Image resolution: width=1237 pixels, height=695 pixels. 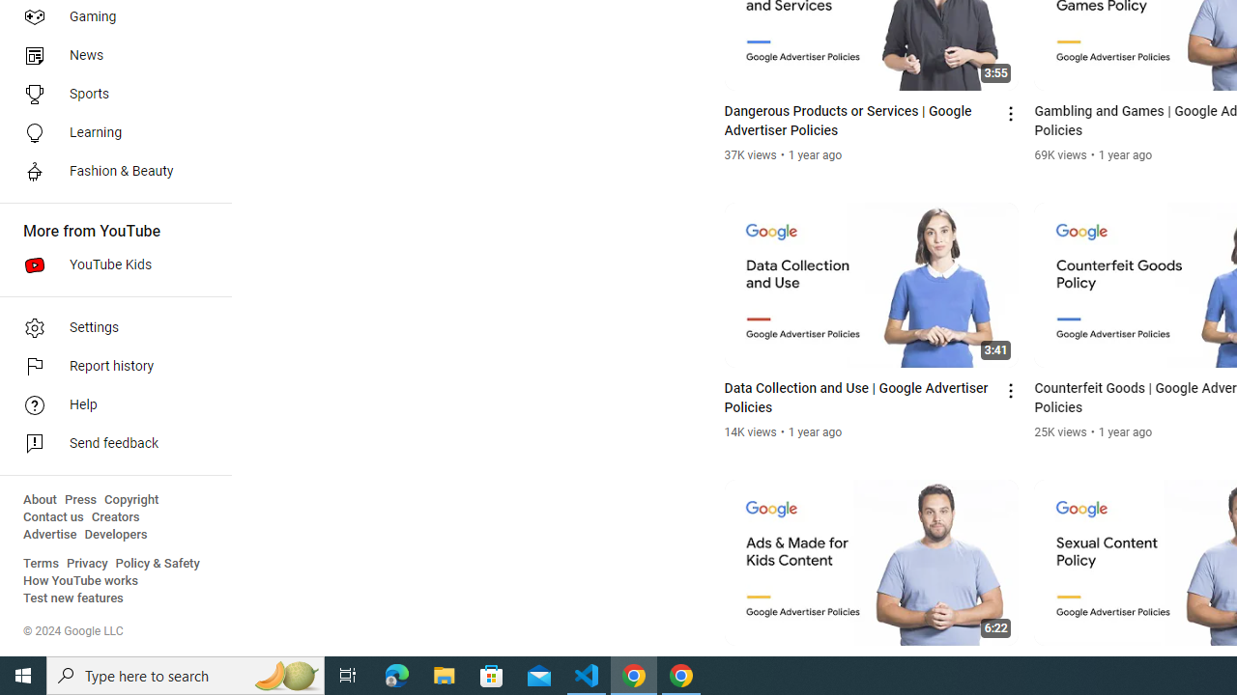 I want to click on 'Help', so click(x=108, y=404).